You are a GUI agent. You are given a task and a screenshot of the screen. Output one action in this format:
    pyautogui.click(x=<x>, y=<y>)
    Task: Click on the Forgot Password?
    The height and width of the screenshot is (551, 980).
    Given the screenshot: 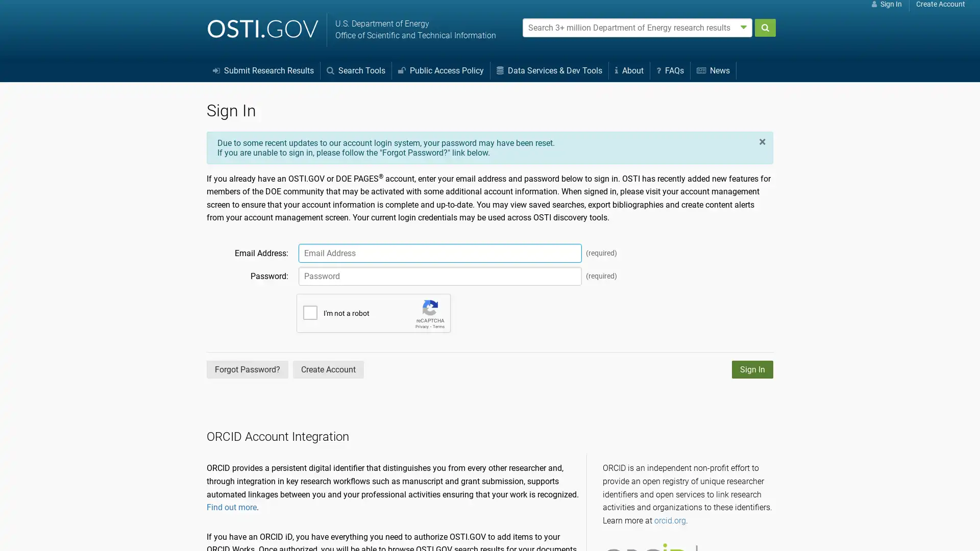 What is the action you would take?
    pyautogui.click(x=247, y=369)
    